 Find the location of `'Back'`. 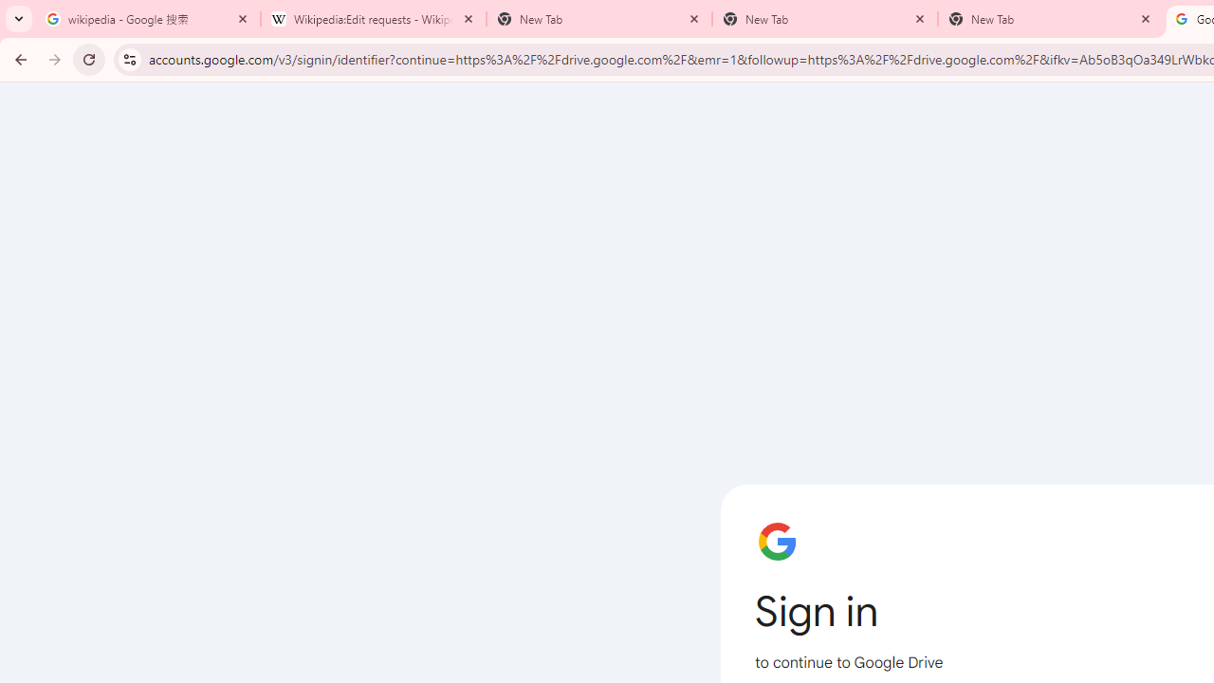

'Back' is located at coordinates (18, 58).